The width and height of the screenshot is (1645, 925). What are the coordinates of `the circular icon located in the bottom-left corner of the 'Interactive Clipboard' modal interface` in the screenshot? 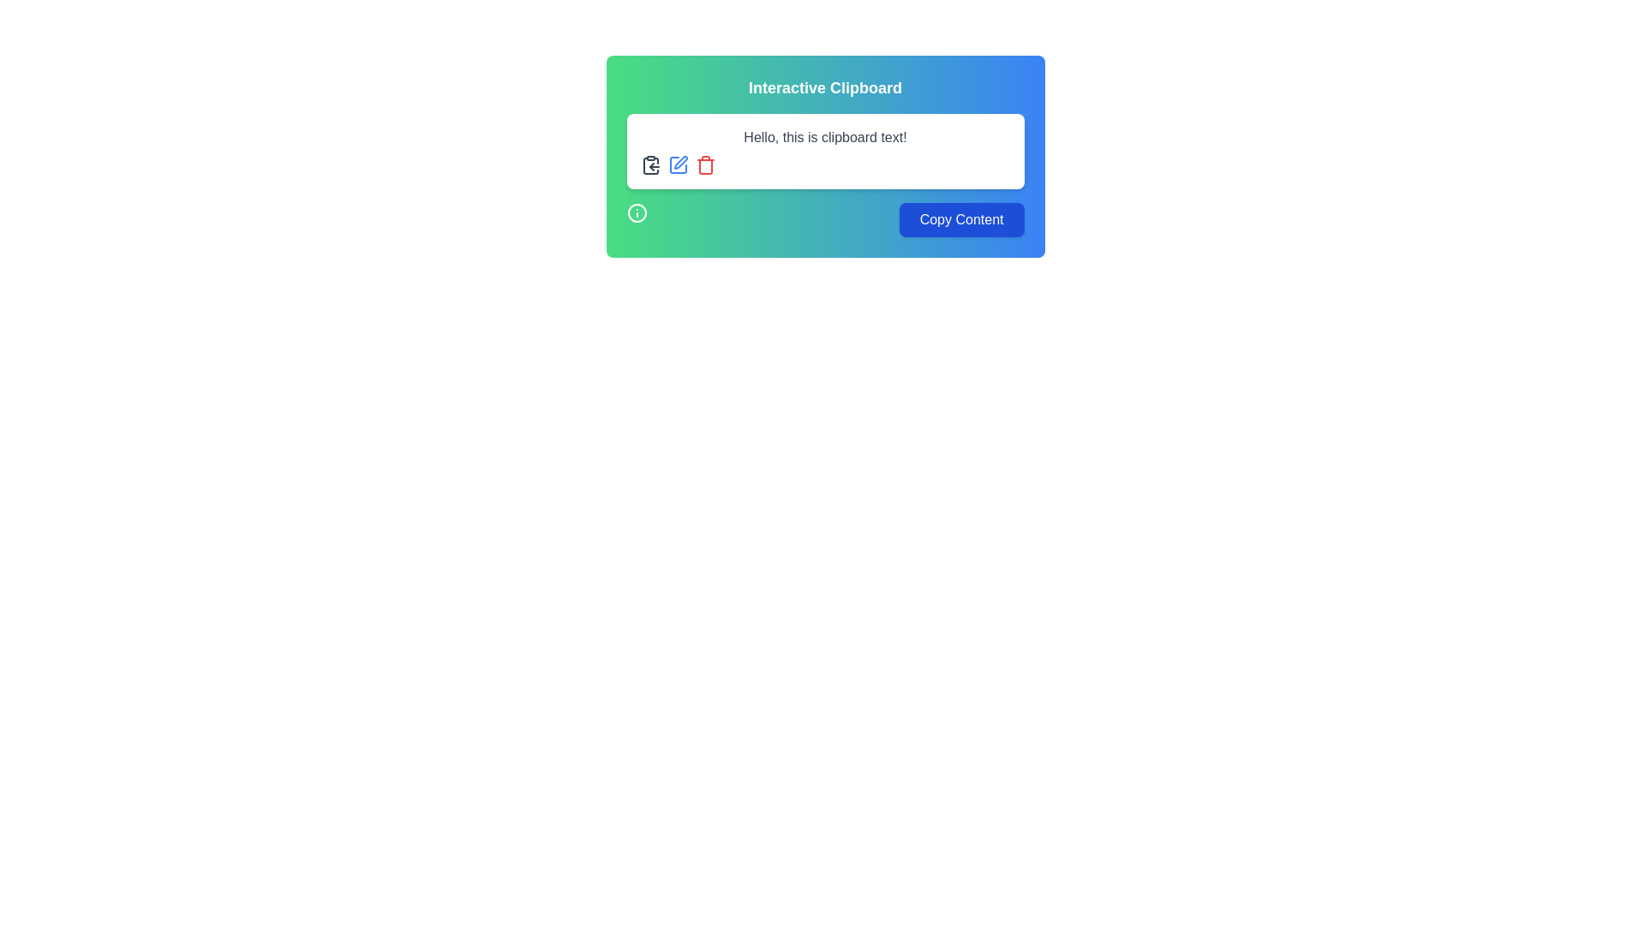 It's located at (636, 212).